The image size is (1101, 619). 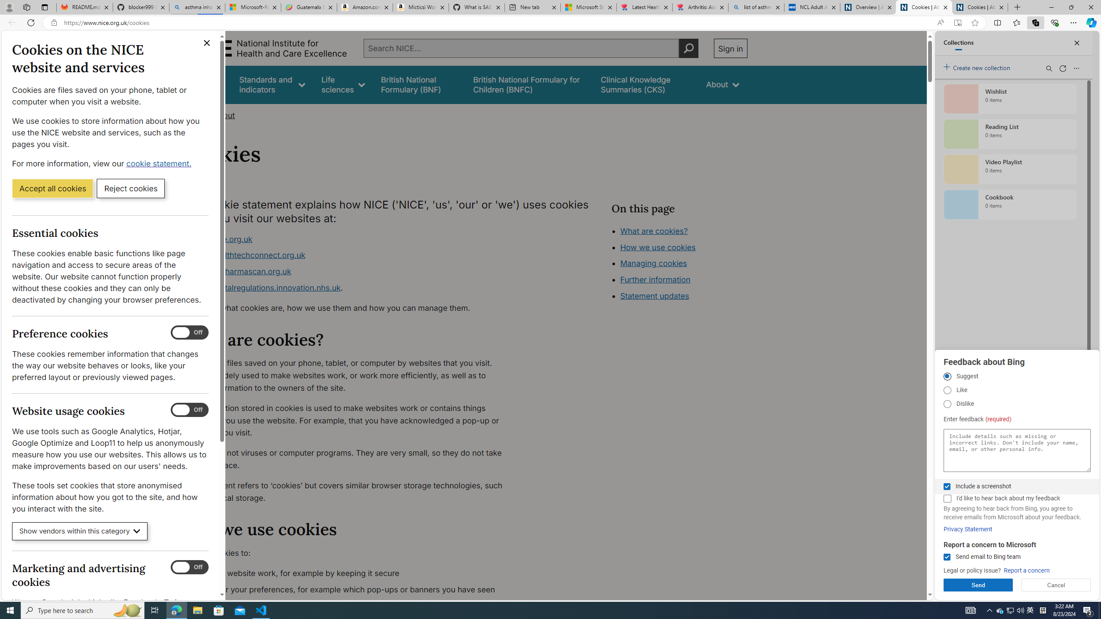 I want to click on 'Privacy Statement', so click(x=968, y=529).